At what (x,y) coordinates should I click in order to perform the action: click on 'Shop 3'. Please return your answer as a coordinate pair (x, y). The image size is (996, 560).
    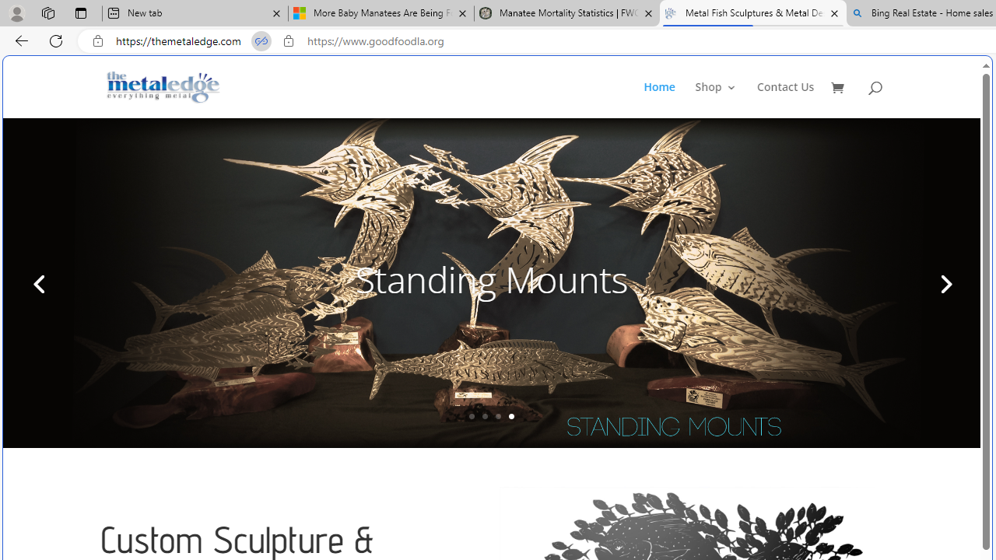
    Looking at the image, I should click on (715, 100).